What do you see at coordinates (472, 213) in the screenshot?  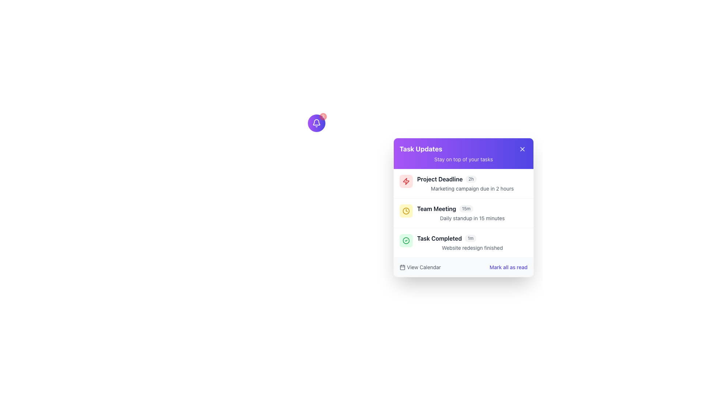 I see `the informative text block about the upcoming scheduled meeting, located in the notification panel under 'Task Updates', specifically the second item below 'Project Deadline'` at bounding box center [472, 213].